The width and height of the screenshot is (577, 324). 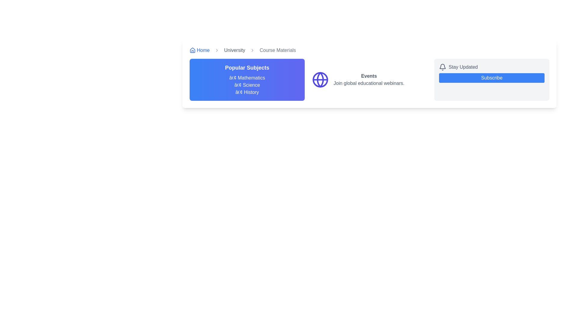 I want to click on the first text label under the 'Popular Subjects' section, which represents a subject like '• Science' or '• History', so click(x=247, y=77).